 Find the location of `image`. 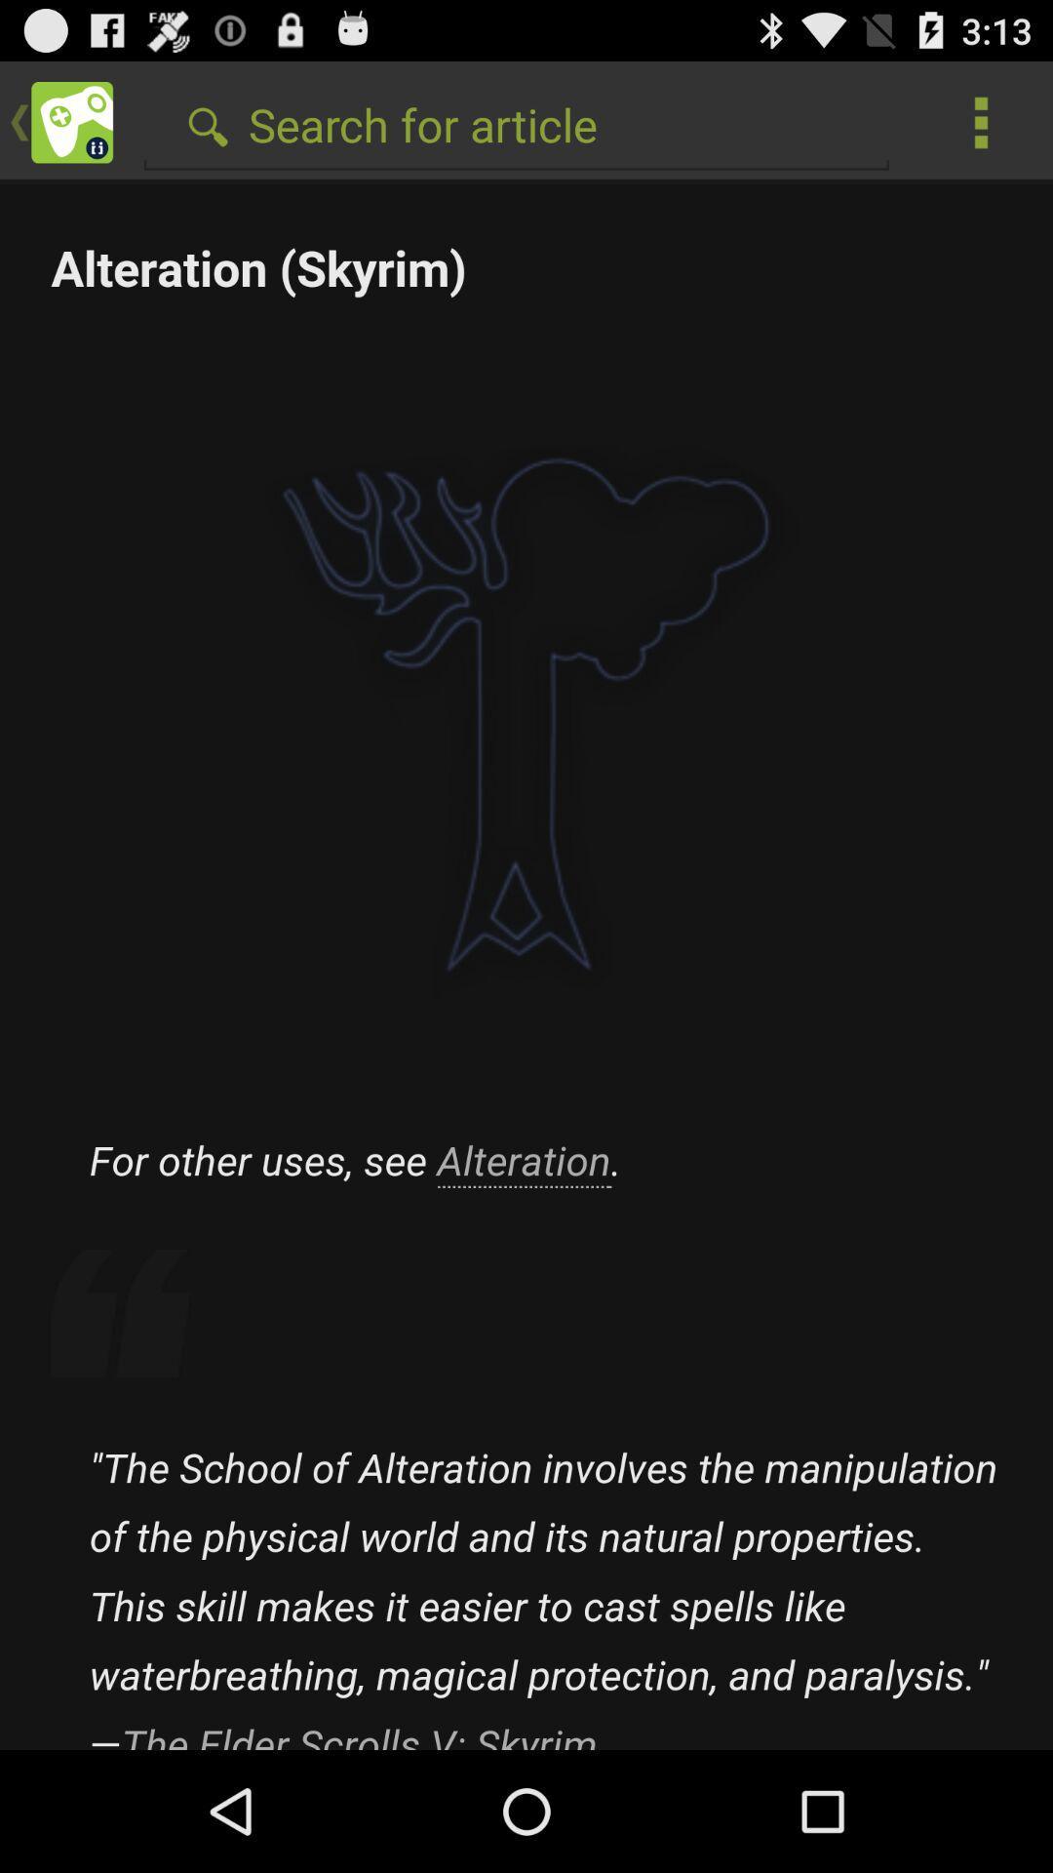

image is located at coordinates (526, 967).